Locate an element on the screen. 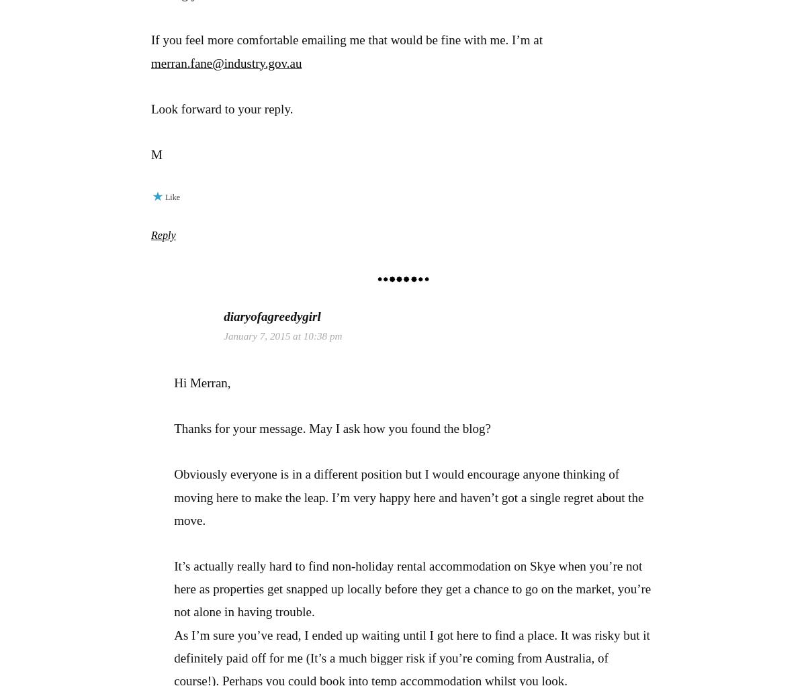 Image resolution: width=806 pixels, height=686 pixels. 'Reply' is located at coordinates (150, 234).